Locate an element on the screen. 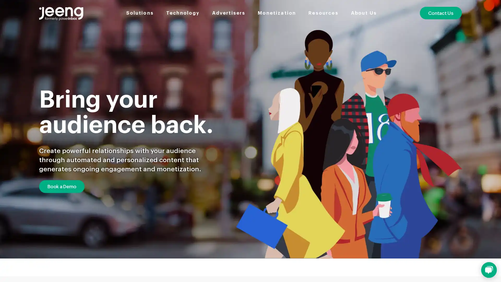  Go to slide 3 is located at coordinates (258, 265).